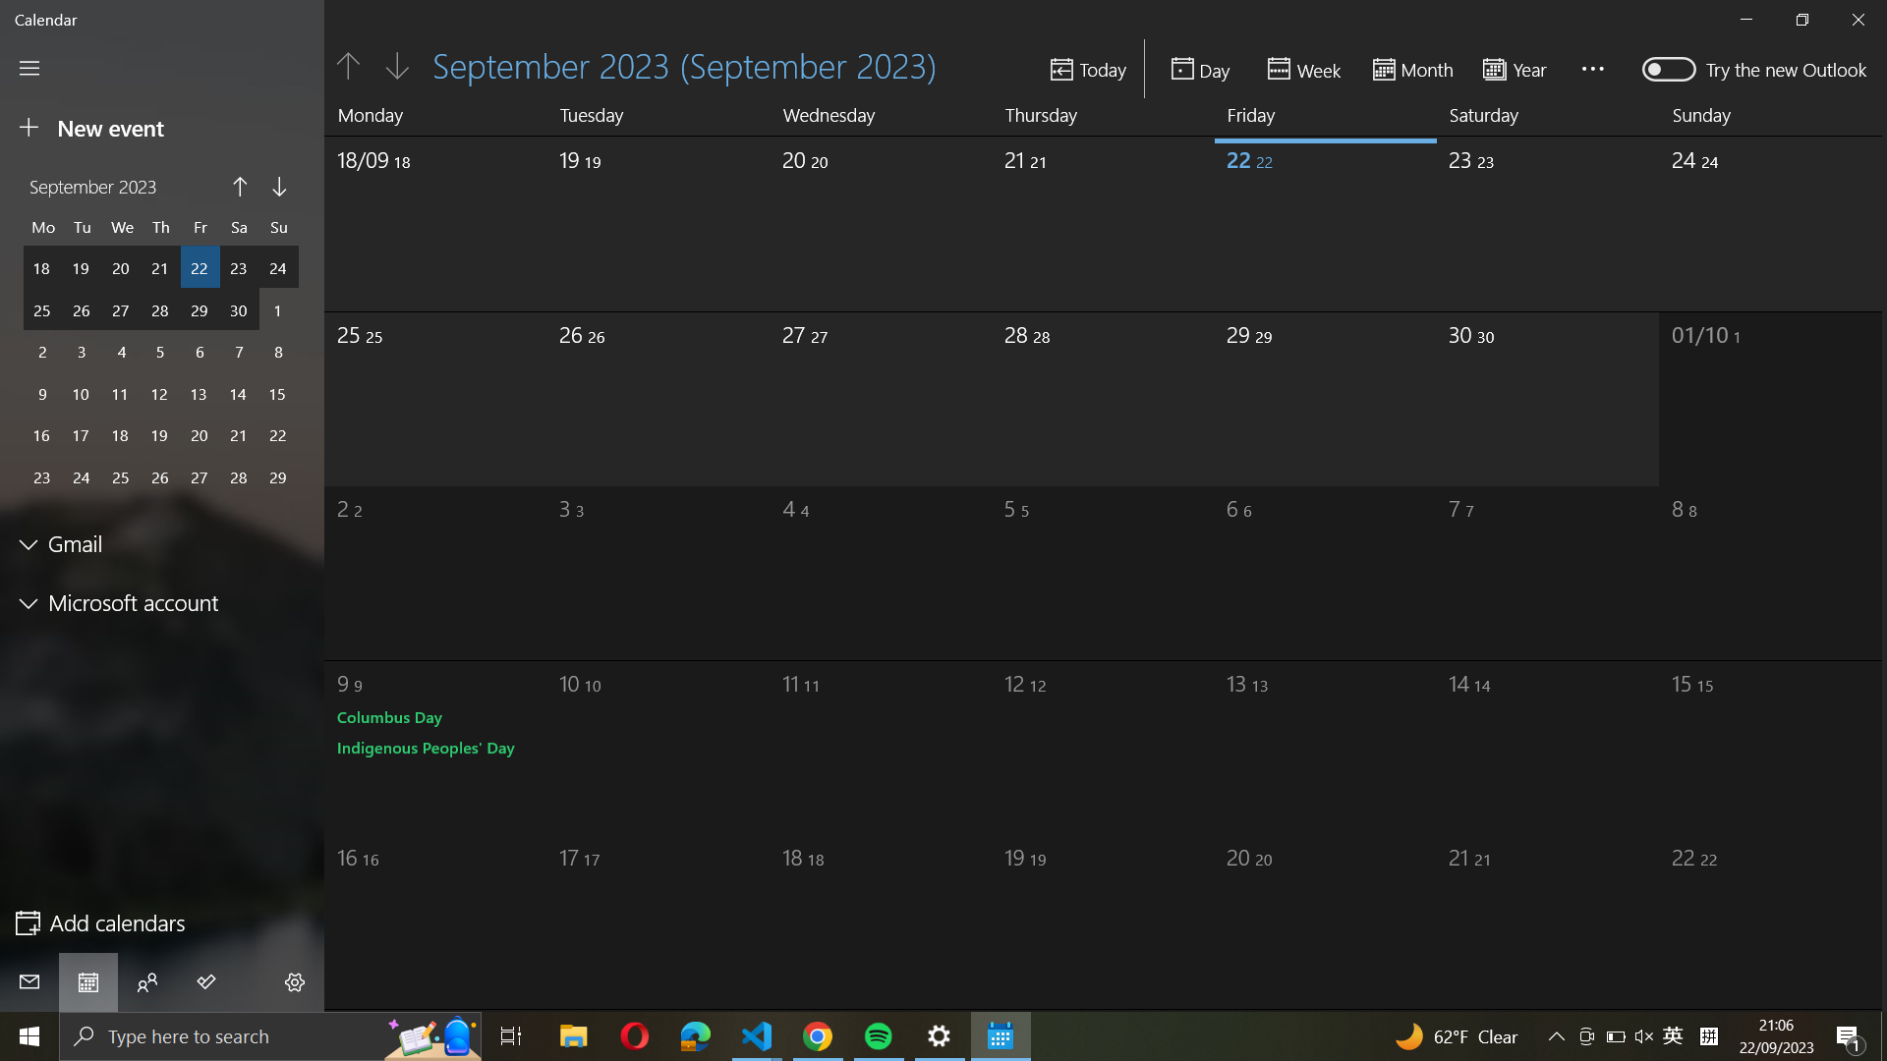 This screenshot has height=1061, width=1887. I want to click on Connect with others through the calendar, so click(146, 981).